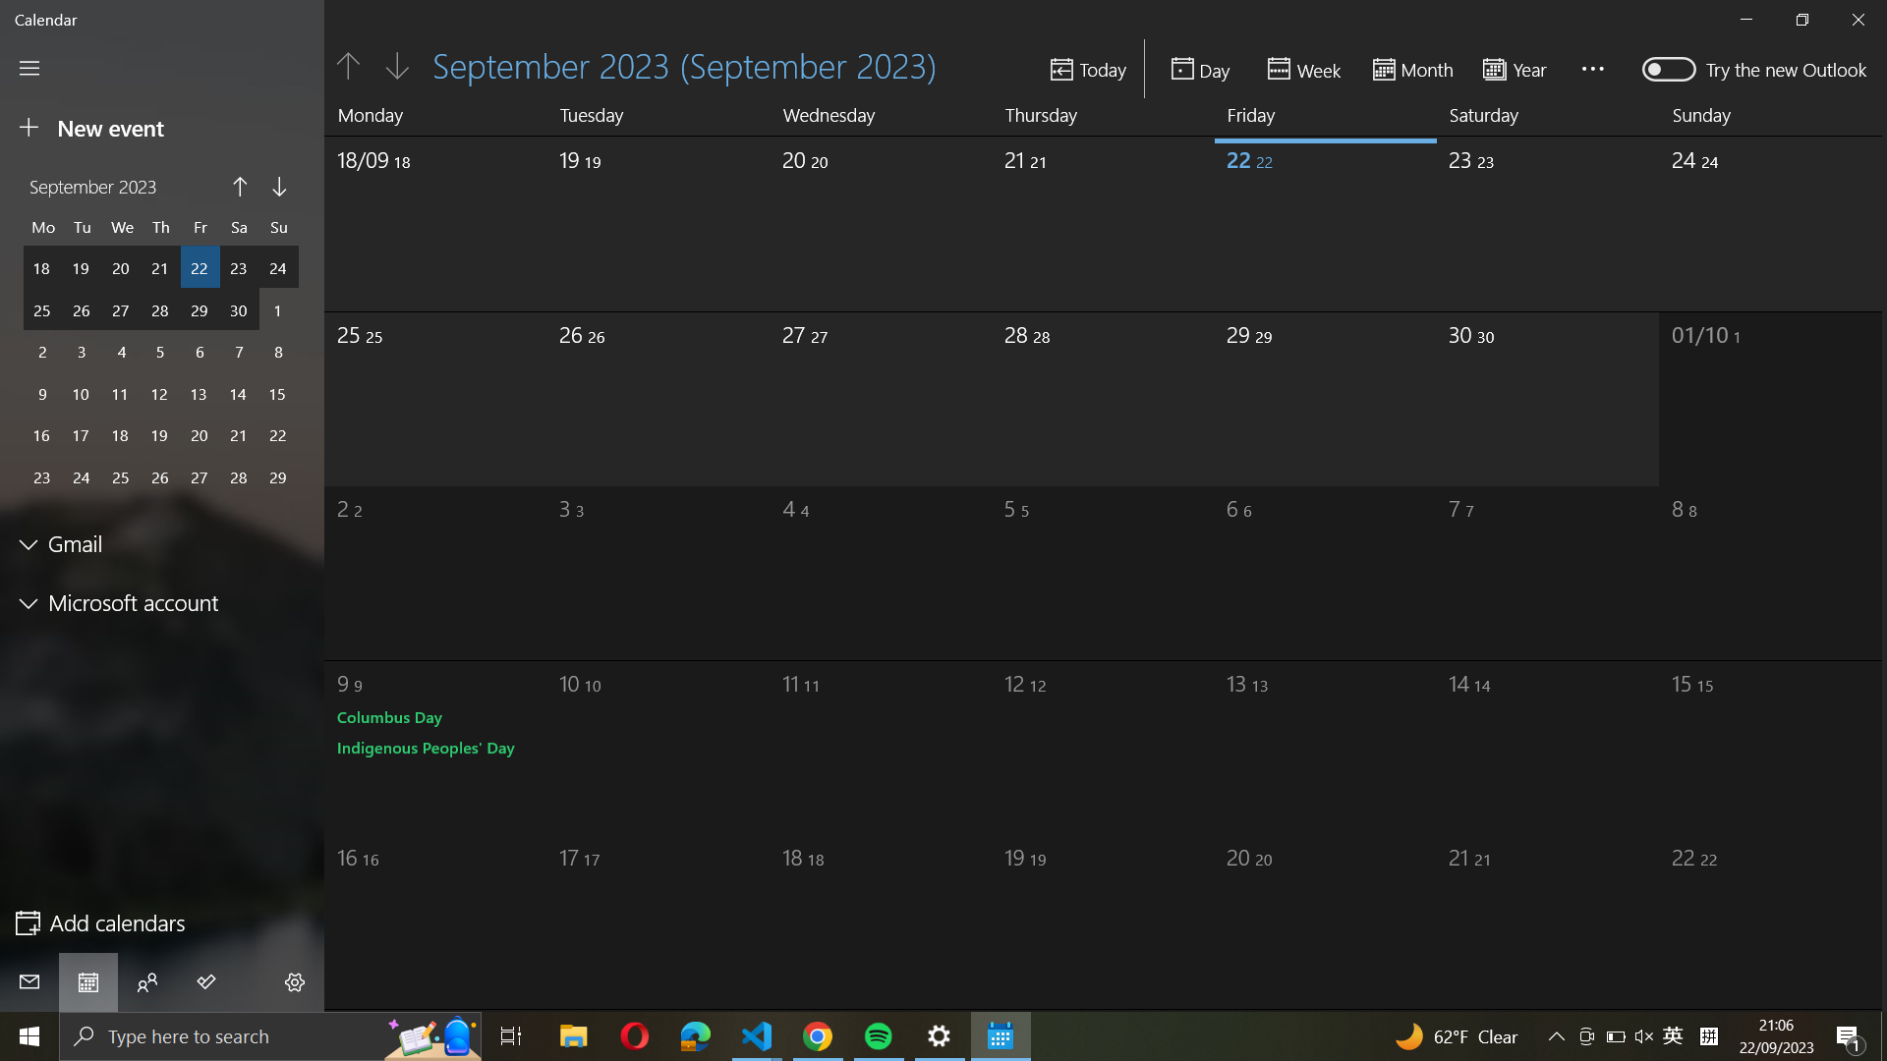 This screenshot has height=1061, width=1887. I want to click on Connect with others through the calendar, so click(146, 981).